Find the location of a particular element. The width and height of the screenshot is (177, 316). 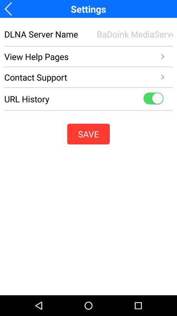

previous is located at coordinates (10, 9).